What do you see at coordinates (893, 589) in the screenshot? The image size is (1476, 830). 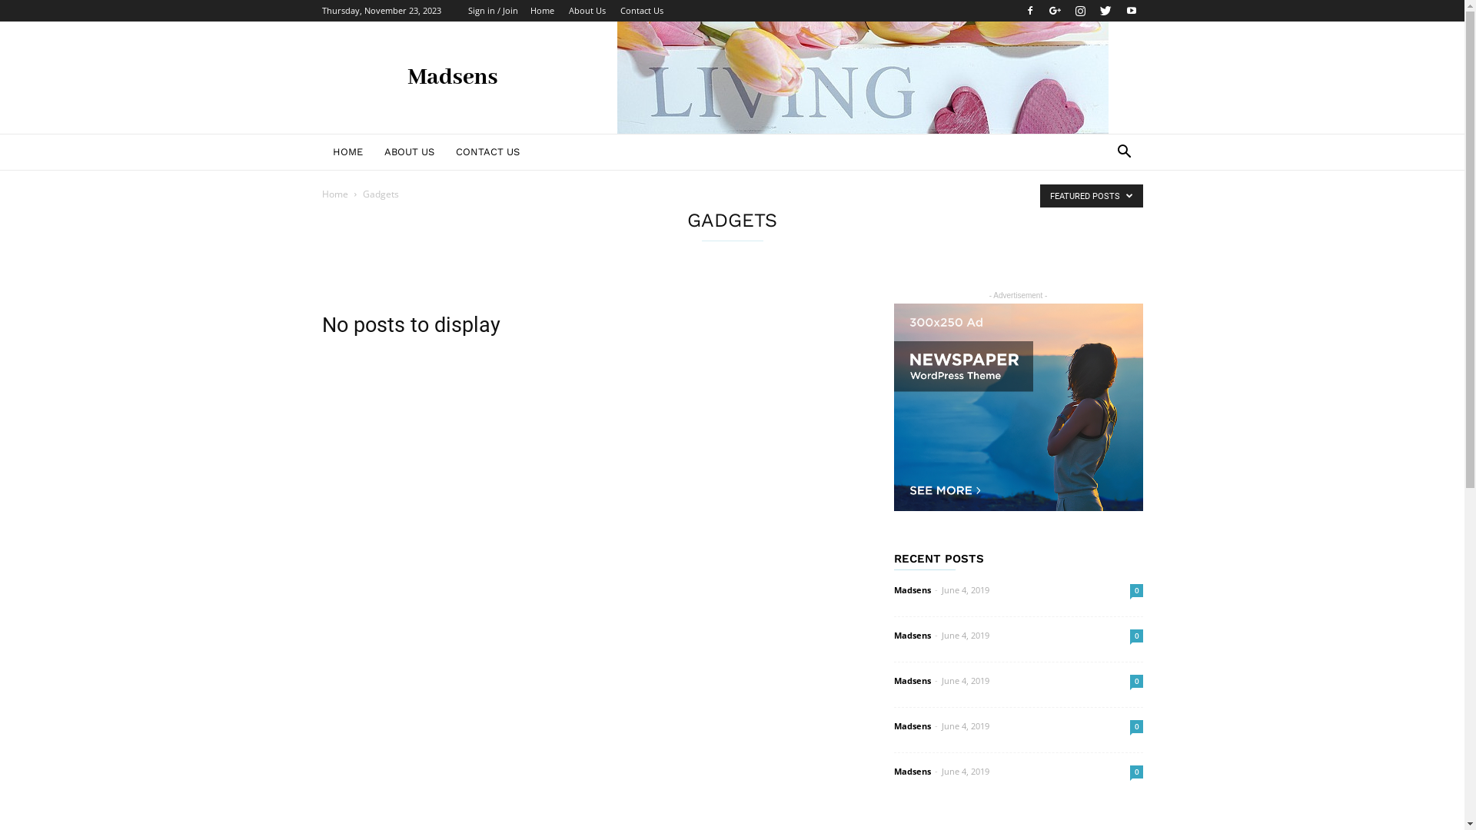 I see `'Madsens'` at bounding box center [893, 589].